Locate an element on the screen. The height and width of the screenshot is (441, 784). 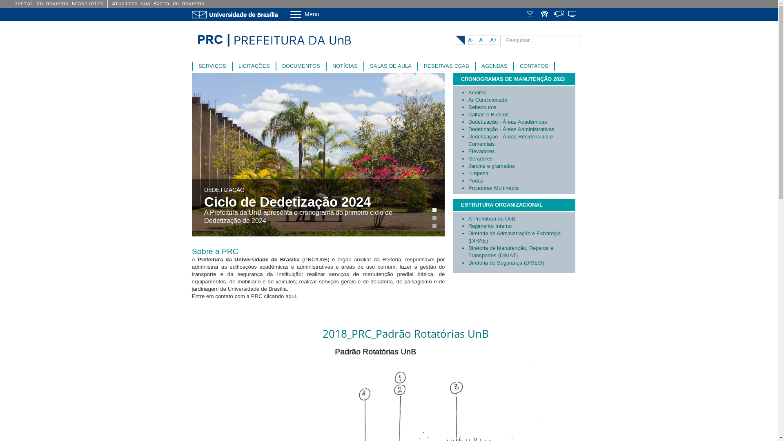
'Geradores' is located at coordinates (468, 159).